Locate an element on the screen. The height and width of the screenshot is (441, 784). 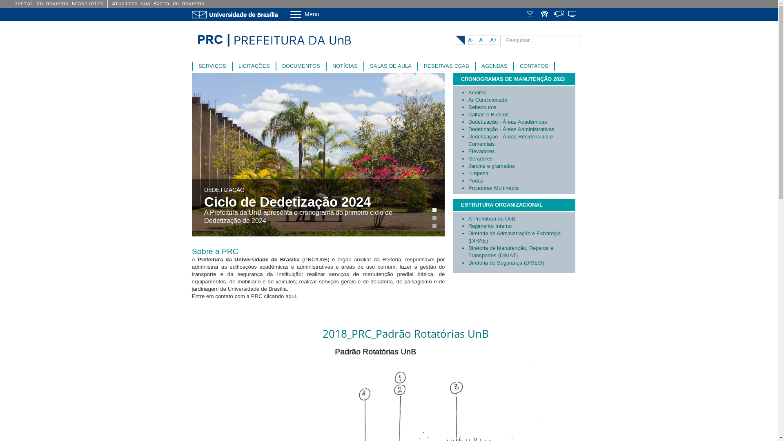
'Geradores' is located at coordinates (468, 159).